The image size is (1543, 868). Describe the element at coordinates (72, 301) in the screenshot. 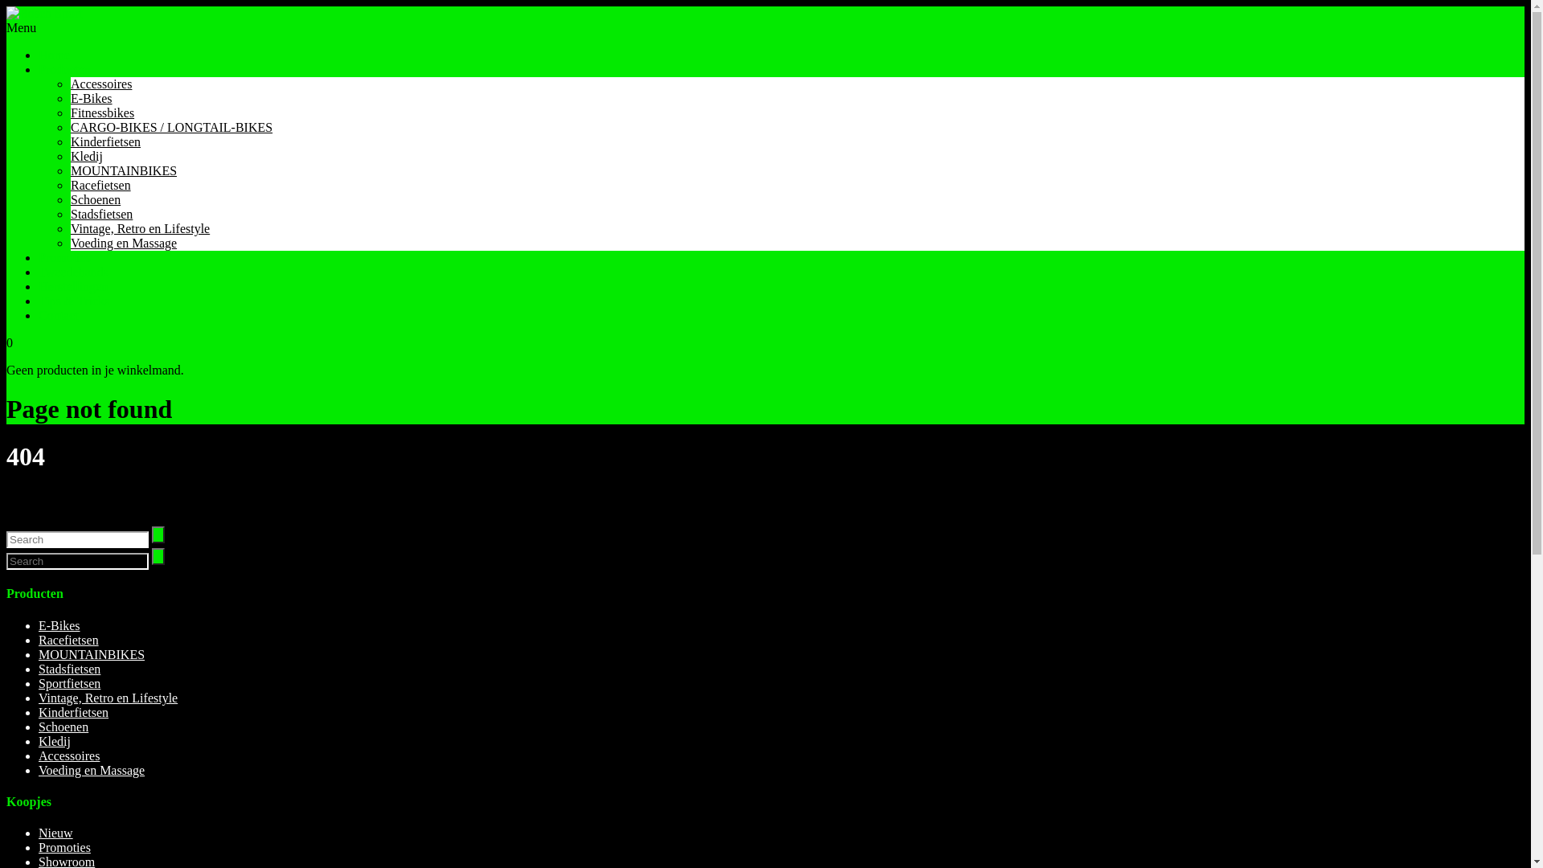

I see `'Tips & Tricks'` at that location.